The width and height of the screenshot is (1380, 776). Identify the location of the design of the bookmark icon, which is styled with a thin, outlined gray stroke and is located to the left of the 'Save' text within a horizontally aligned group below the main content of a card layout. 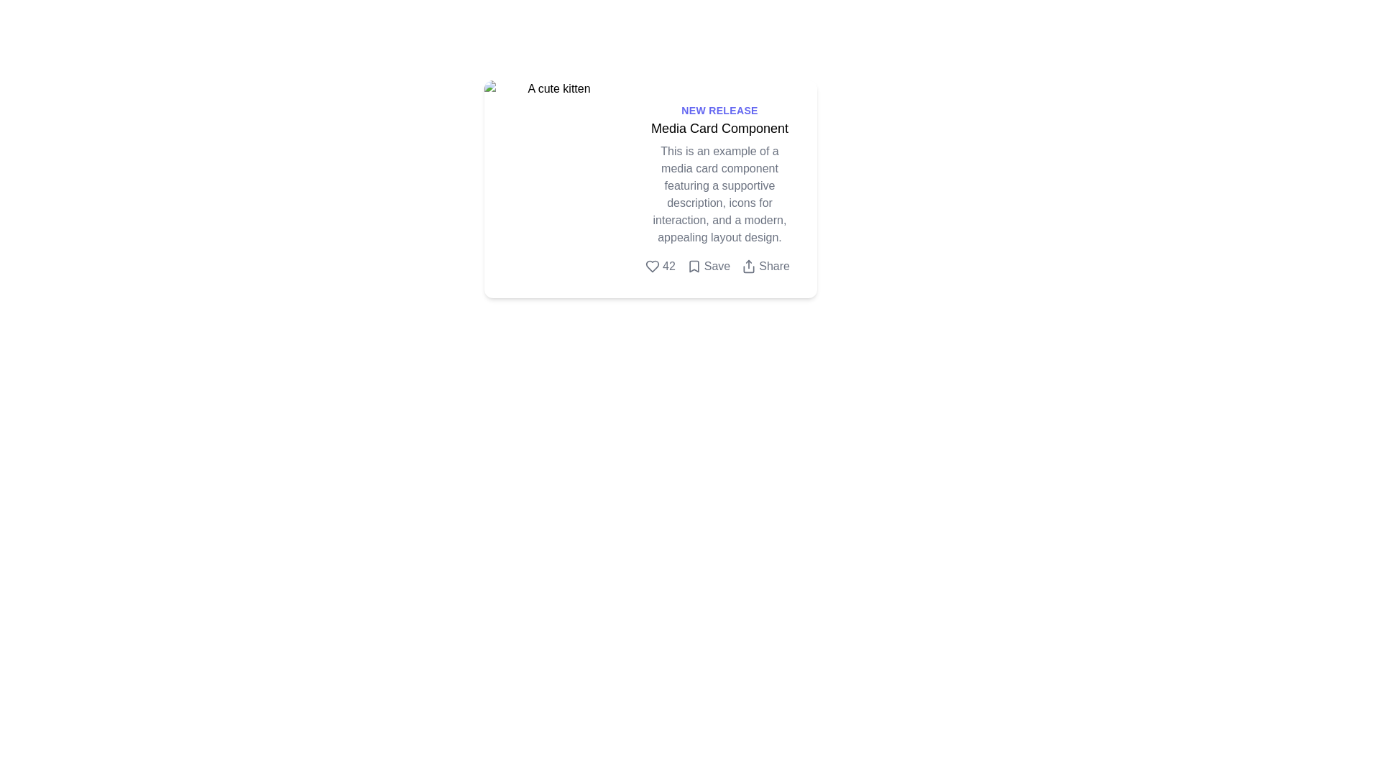
(694, 266).